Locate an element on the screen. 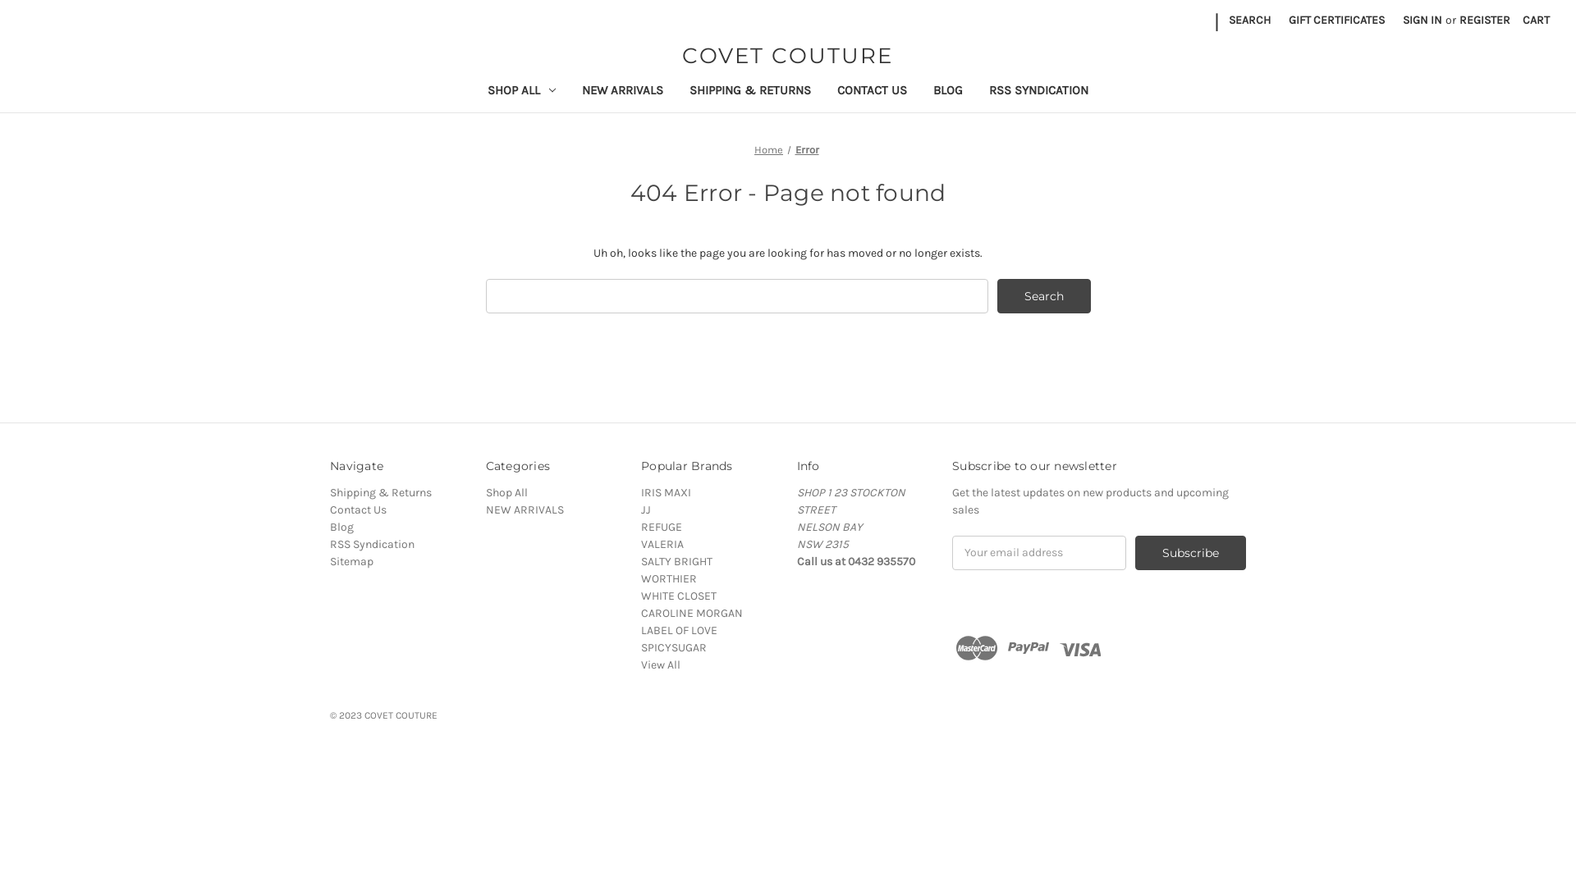 This screenshot has height=886, width=1576. 'REGISTER' is located at coordinates (1485, 20).